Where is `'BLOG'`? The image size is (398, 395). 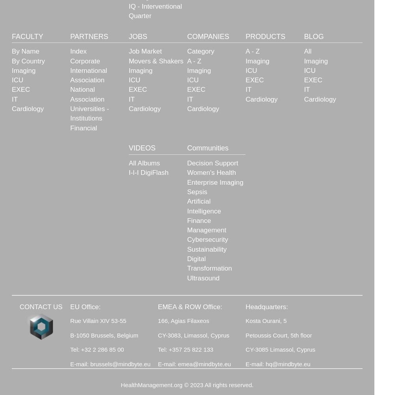
'BLOG' is located at coordinates (313, 36).